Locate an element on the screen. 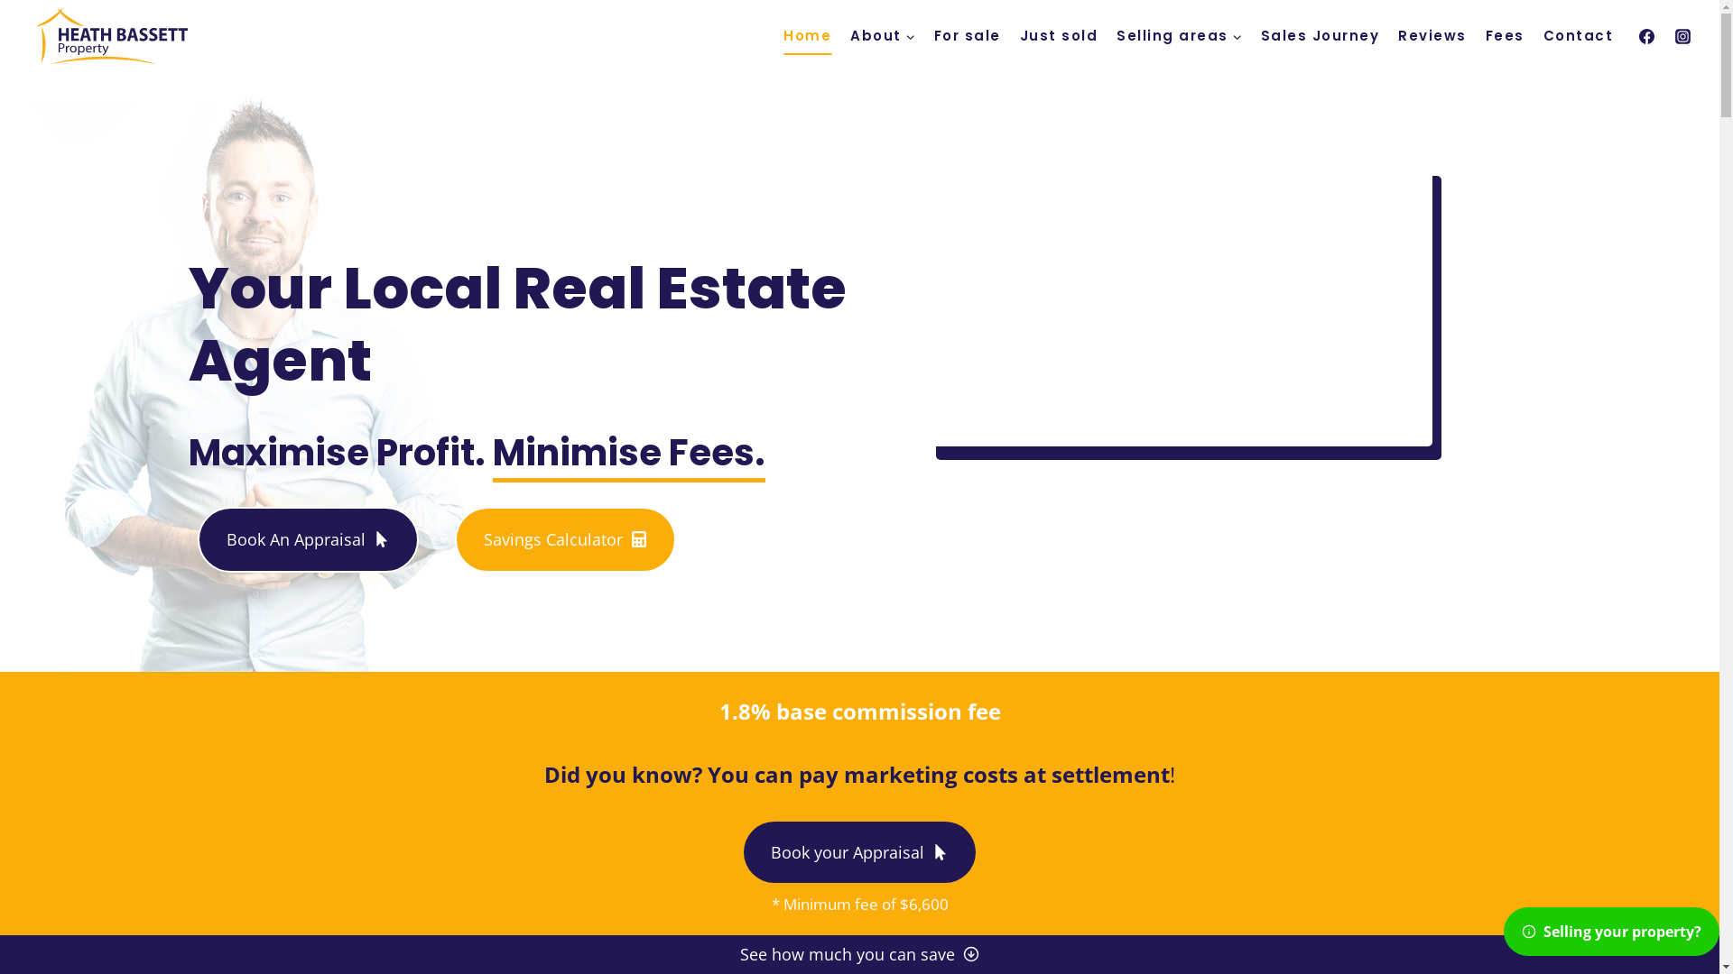 This screenshot has height=974, width=1733. 'Book your Appraisal' is located at coordinates (858, 852).